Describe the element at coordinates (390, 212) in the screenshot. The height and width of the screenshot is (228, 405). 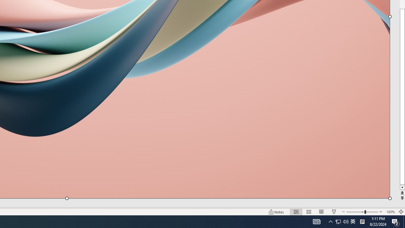
I see `'Zoom 160%'` at that location.